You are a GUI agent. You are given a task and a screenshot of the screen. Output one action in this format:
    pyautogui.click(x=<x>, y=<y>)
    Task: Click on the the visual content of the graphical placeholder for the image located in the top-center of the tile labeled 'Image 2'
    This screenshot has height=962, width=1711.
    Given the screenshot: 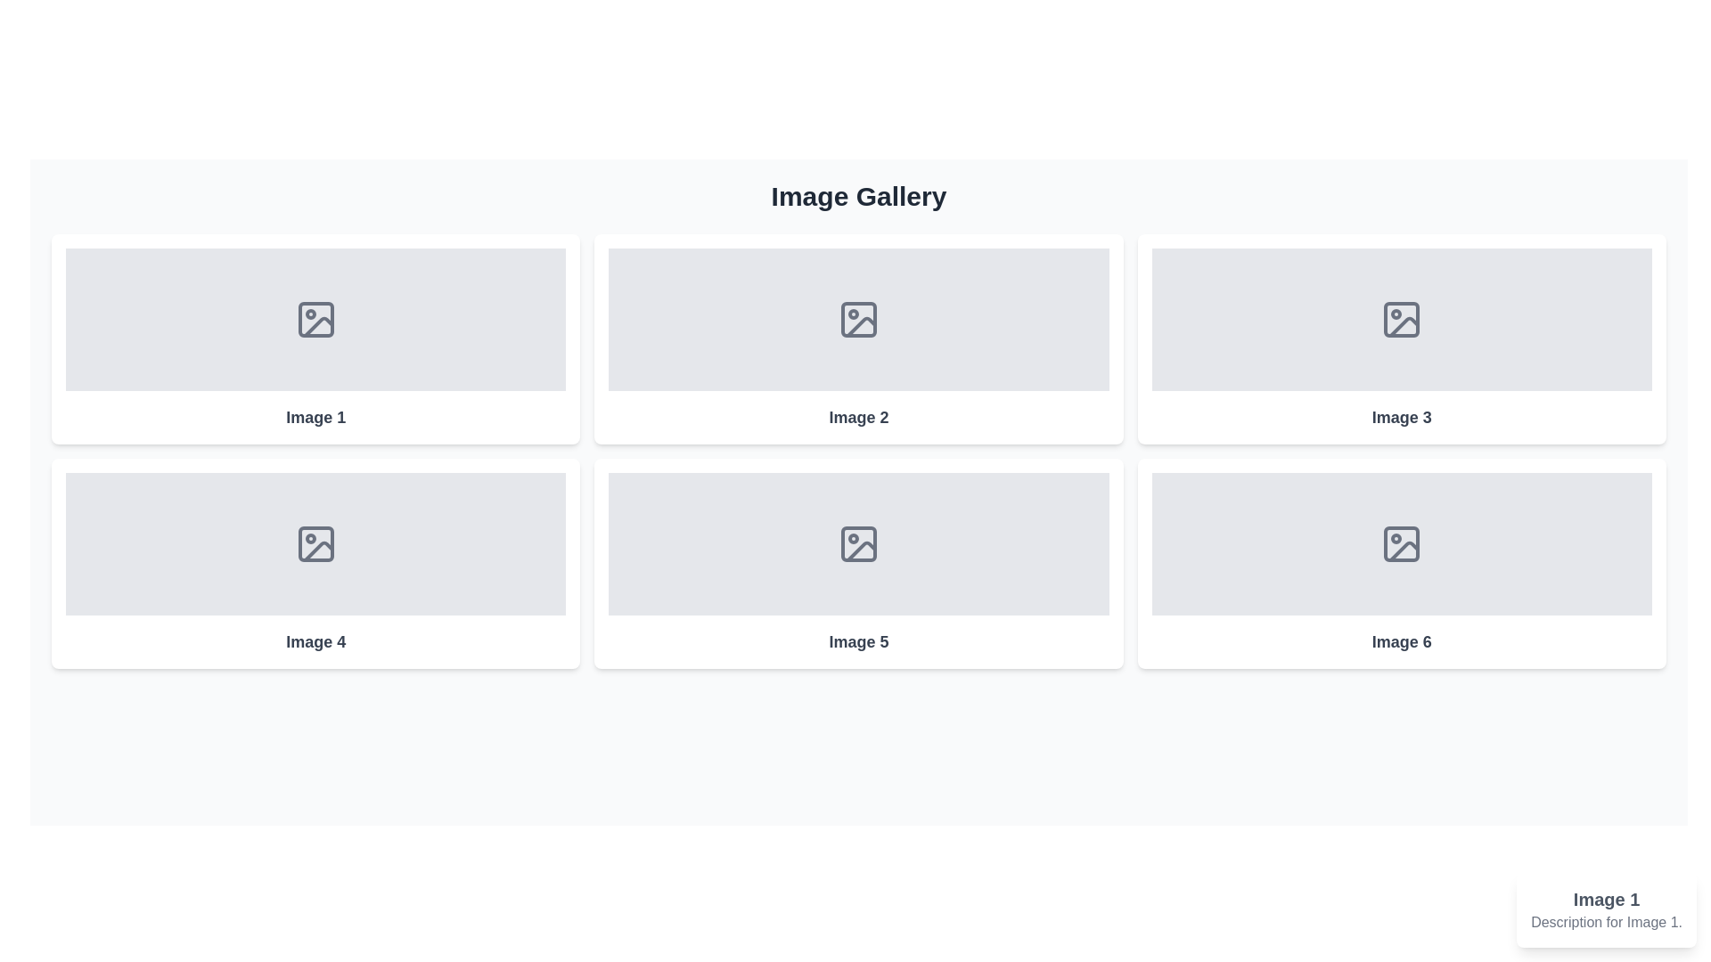 What is the action you would take?
    pyautogui.click(x=859, y=318)
    